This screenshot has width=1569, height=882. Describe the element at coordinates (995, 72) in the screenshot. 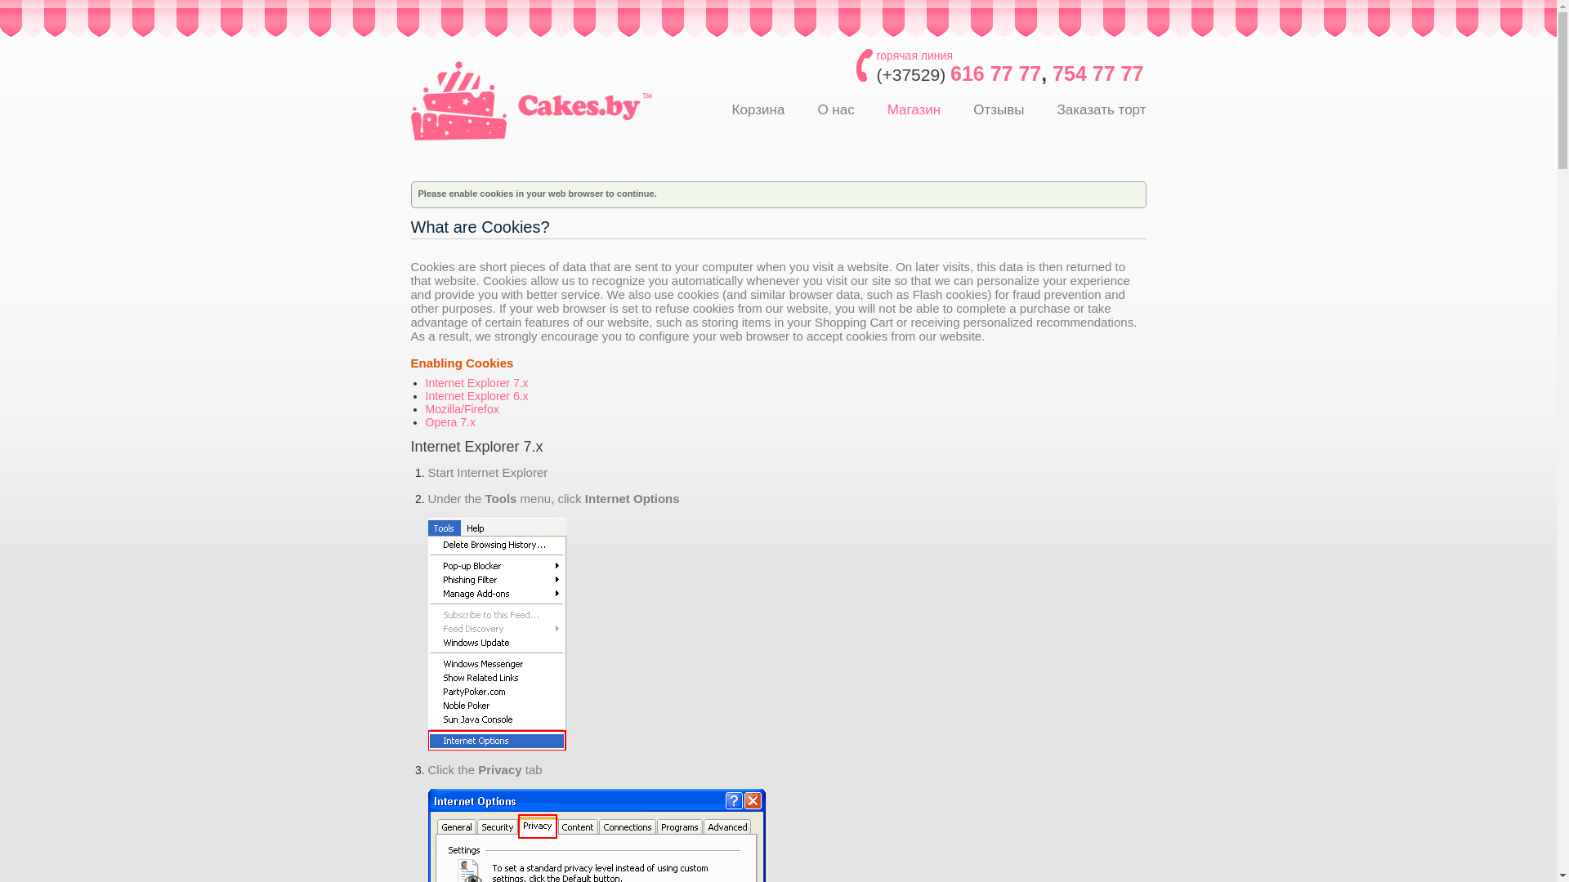

I see `'616 77 77'` at that location.